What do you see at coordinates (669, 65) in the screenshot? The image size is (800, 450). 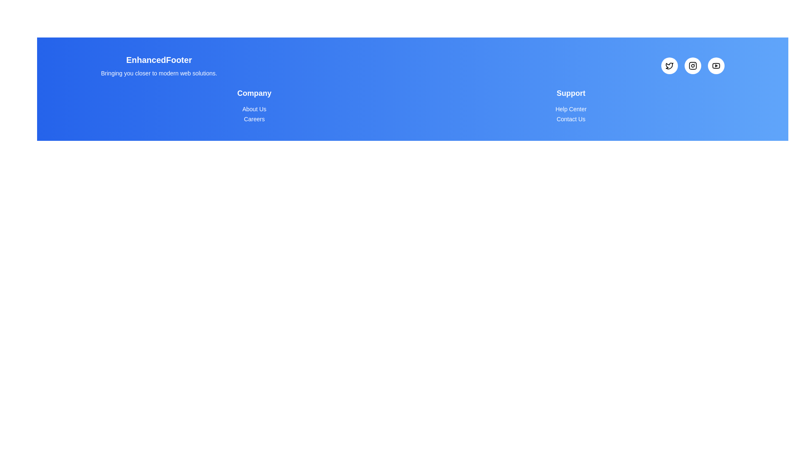 I see `the circular Twitter button with a white background and black Twitter icon to trigger visual feedback` at bounding box center [669, 65].